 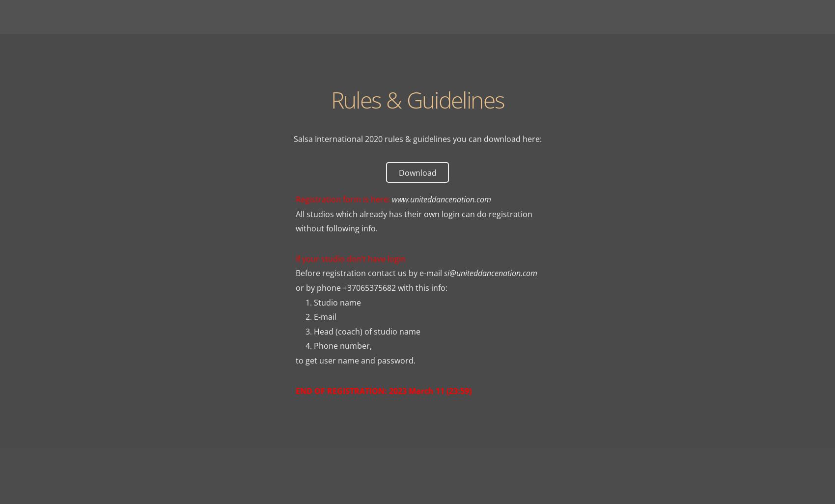 What do you see at coordinates (370, 287) in the screenshot?
I see `'or by phone +37065375682 with this info:'` at bounding box center [370, 287].